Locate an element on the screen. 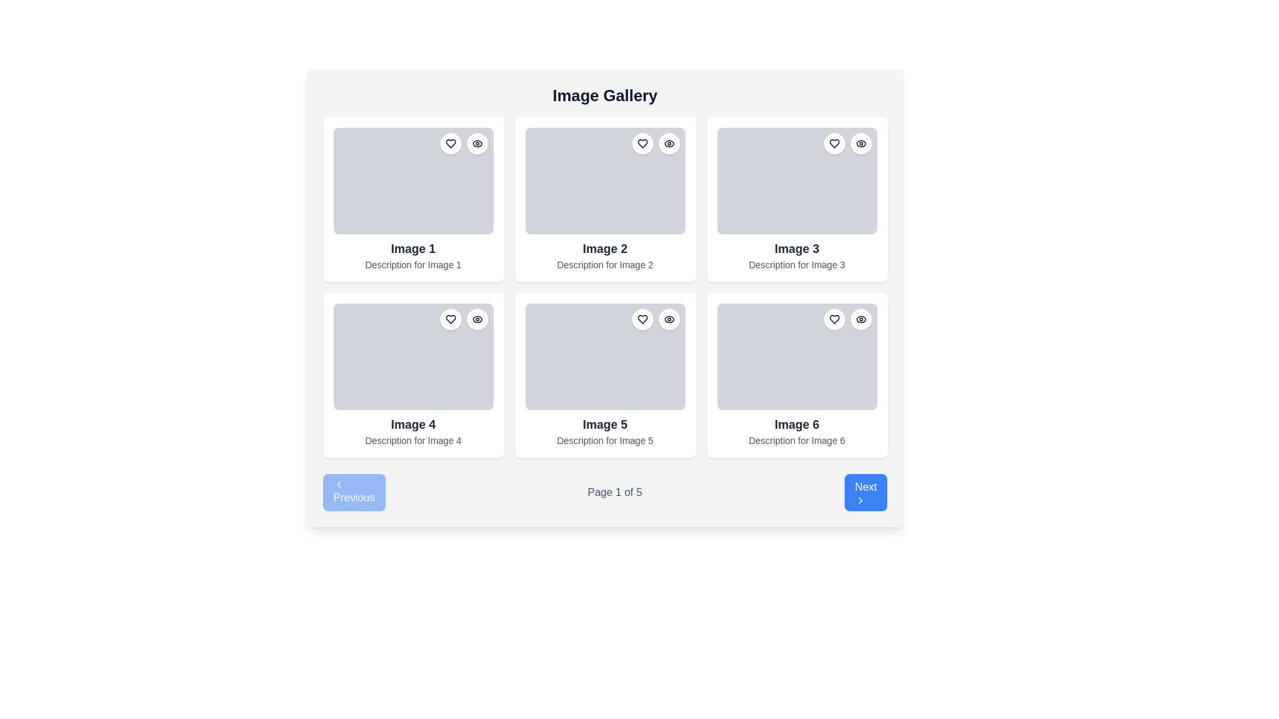  the card component is located at coordinates (604, 375).